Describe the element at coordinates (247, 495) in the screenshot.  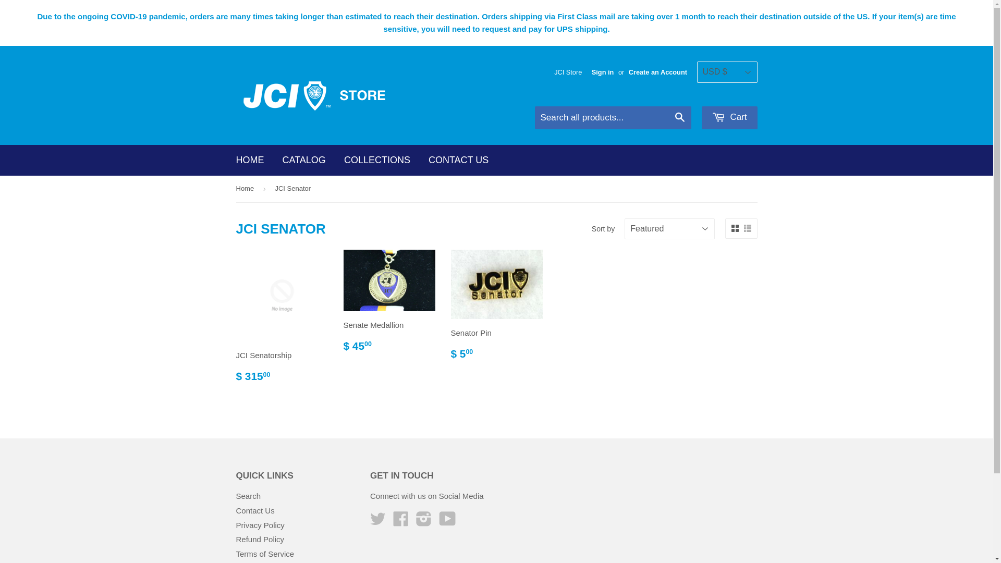
I see `'Search'` at that location.